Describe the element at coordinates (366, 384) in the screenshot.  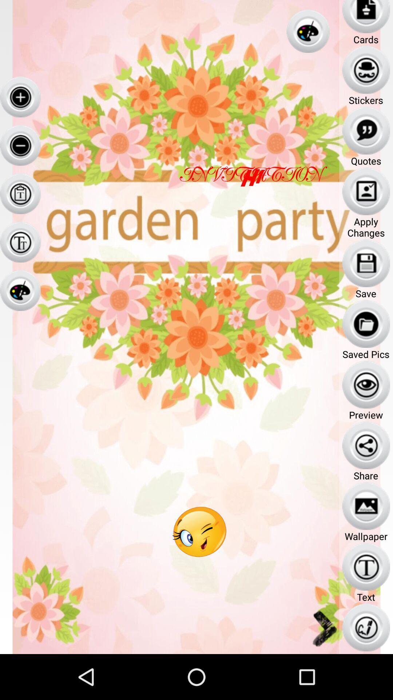
I see `the preview icon` at that location.